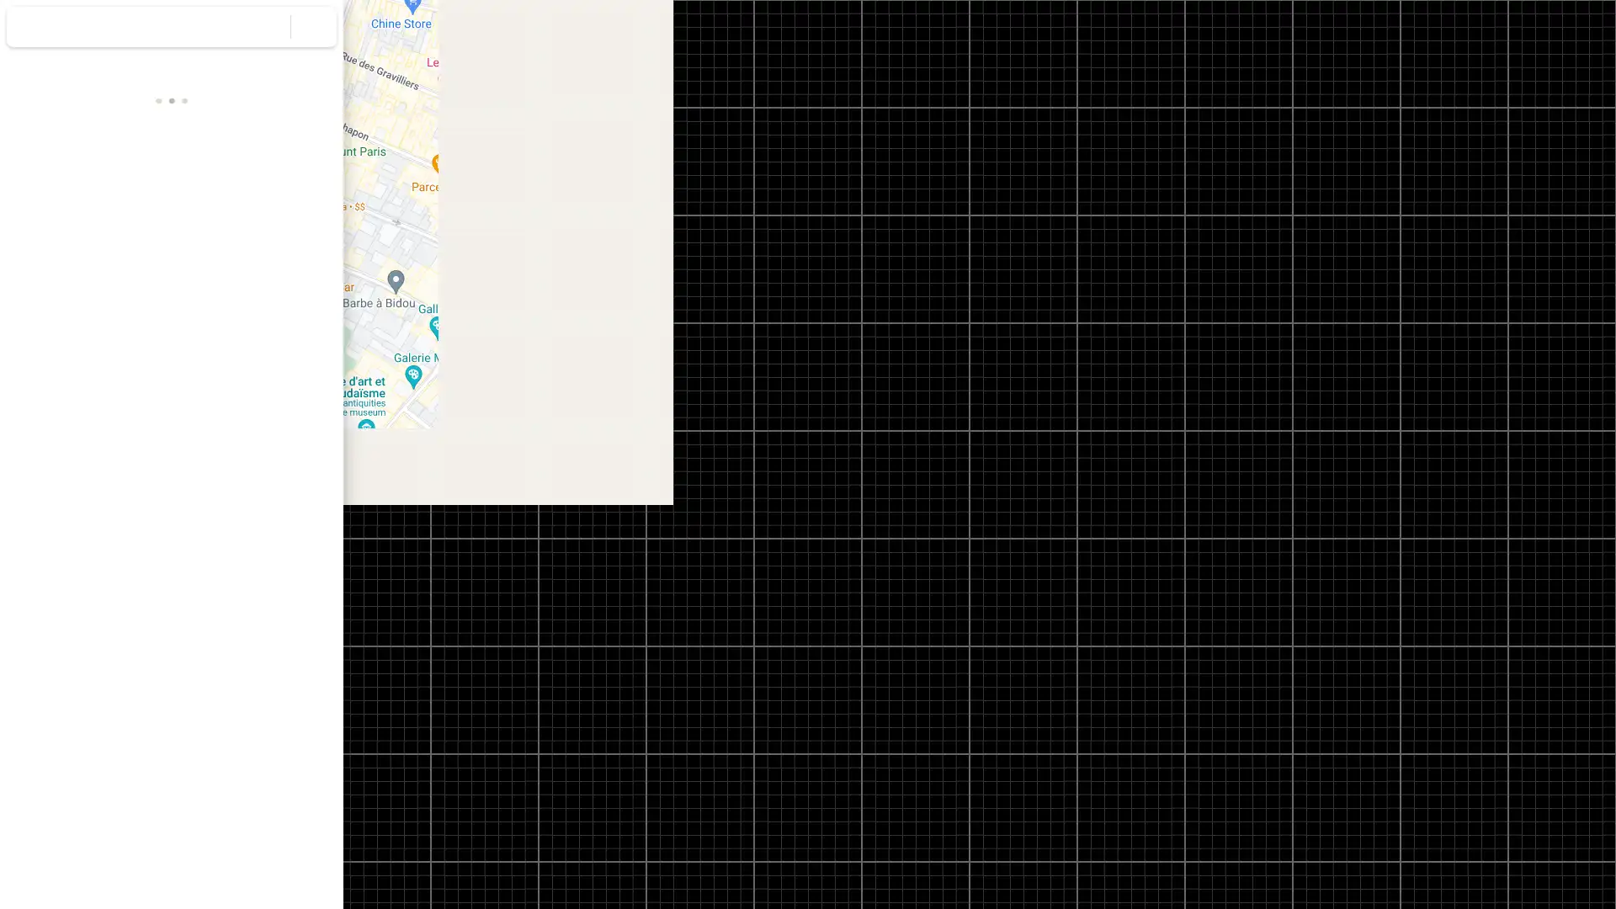 This screenshot has height=909, width=1616. I want to click on Share 5 Rue de Palestro, so click(294, 288).